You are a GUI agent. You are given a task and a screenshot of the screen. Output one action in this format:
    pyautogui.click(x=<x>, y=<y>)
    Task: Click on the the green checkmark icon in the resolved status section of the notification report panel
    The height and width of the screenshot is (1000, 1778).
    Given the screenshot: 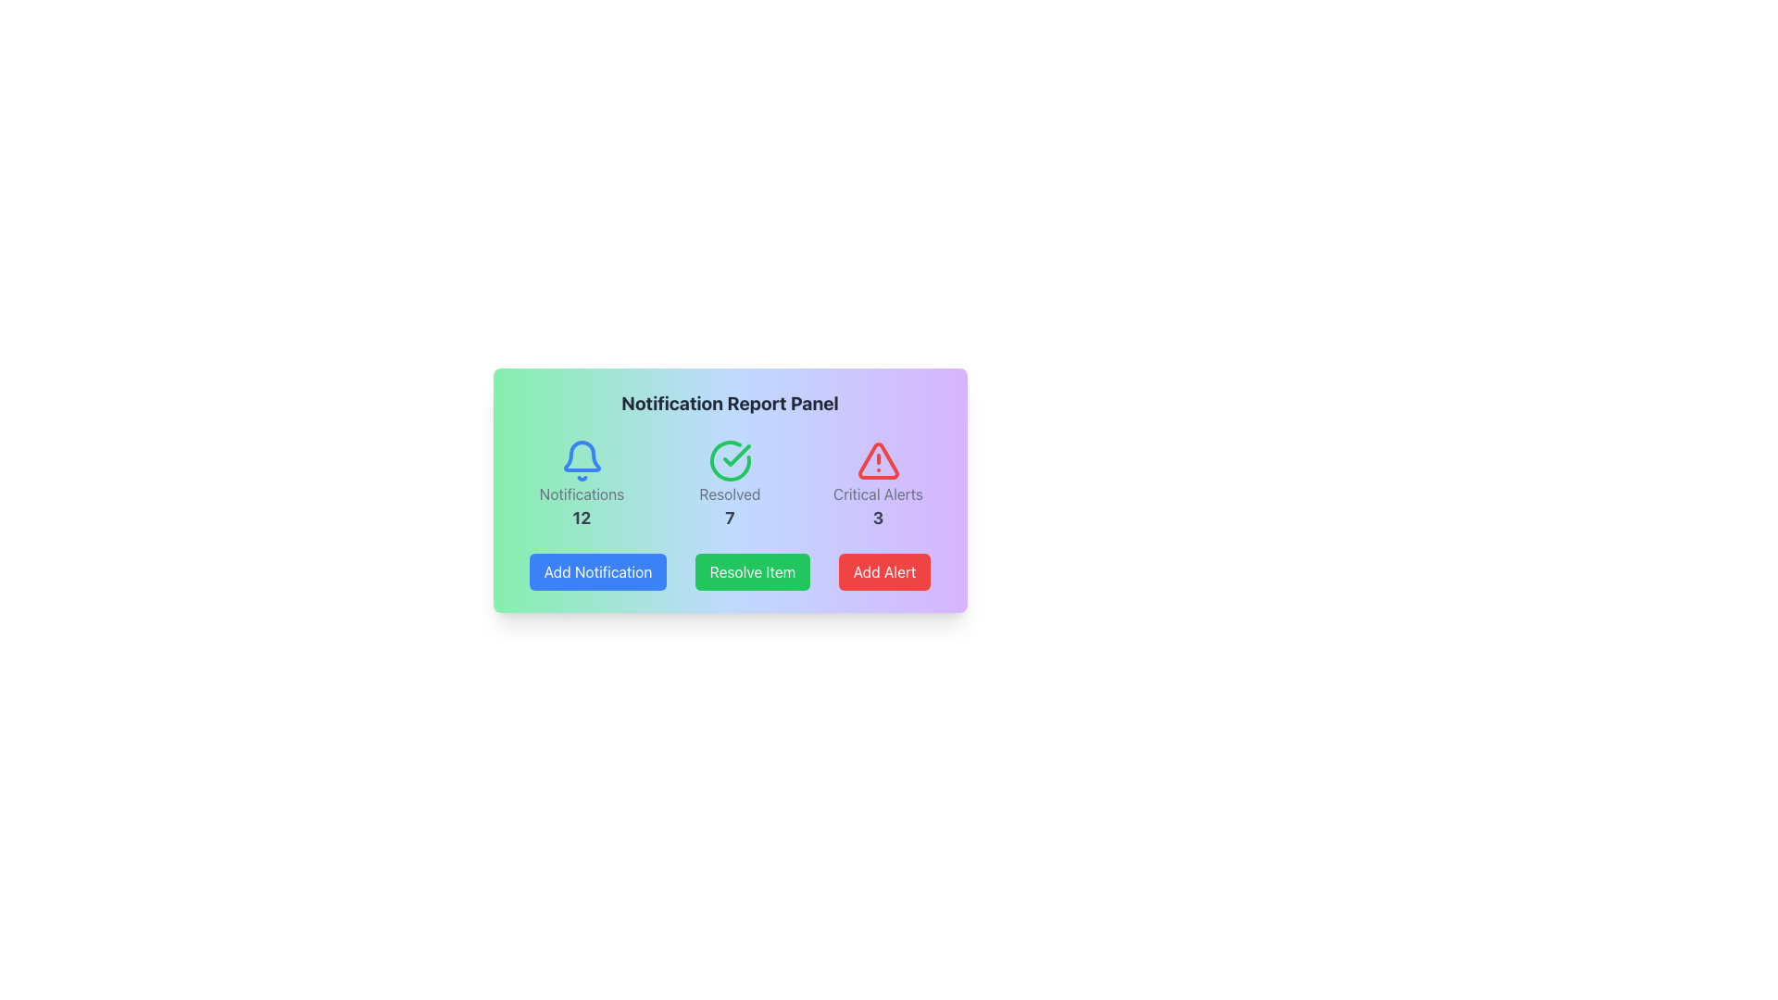 What is the action you would take?
    pyautogui.click(x=735, y=456)
    